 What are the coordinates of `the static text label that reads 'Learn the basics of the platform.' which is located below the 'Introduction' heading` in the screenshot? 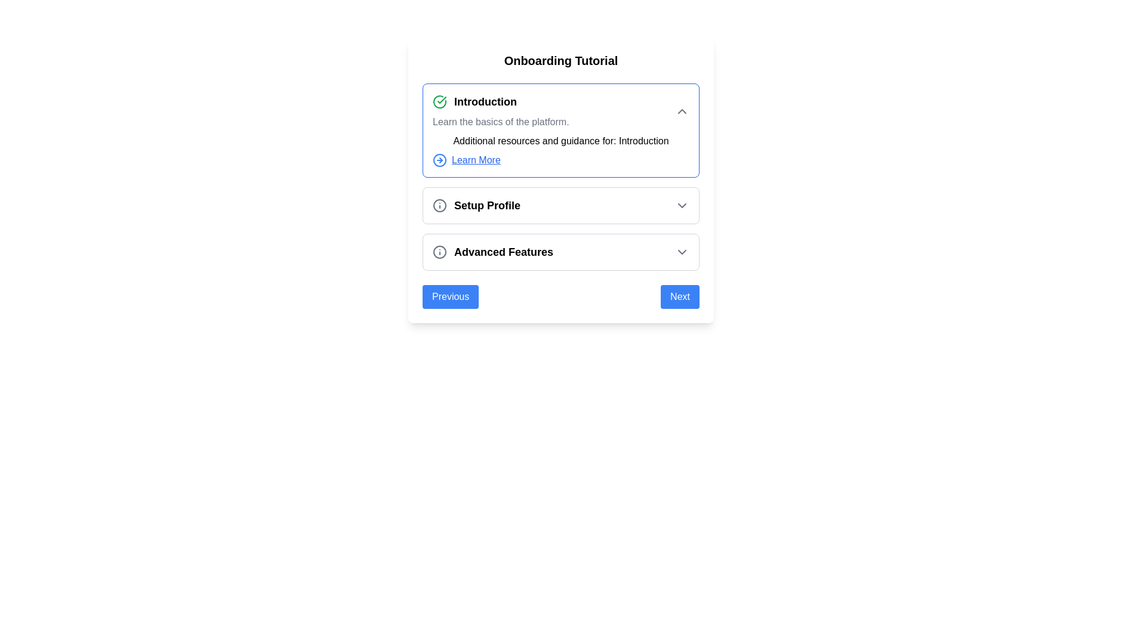 It's located at (501, 122).